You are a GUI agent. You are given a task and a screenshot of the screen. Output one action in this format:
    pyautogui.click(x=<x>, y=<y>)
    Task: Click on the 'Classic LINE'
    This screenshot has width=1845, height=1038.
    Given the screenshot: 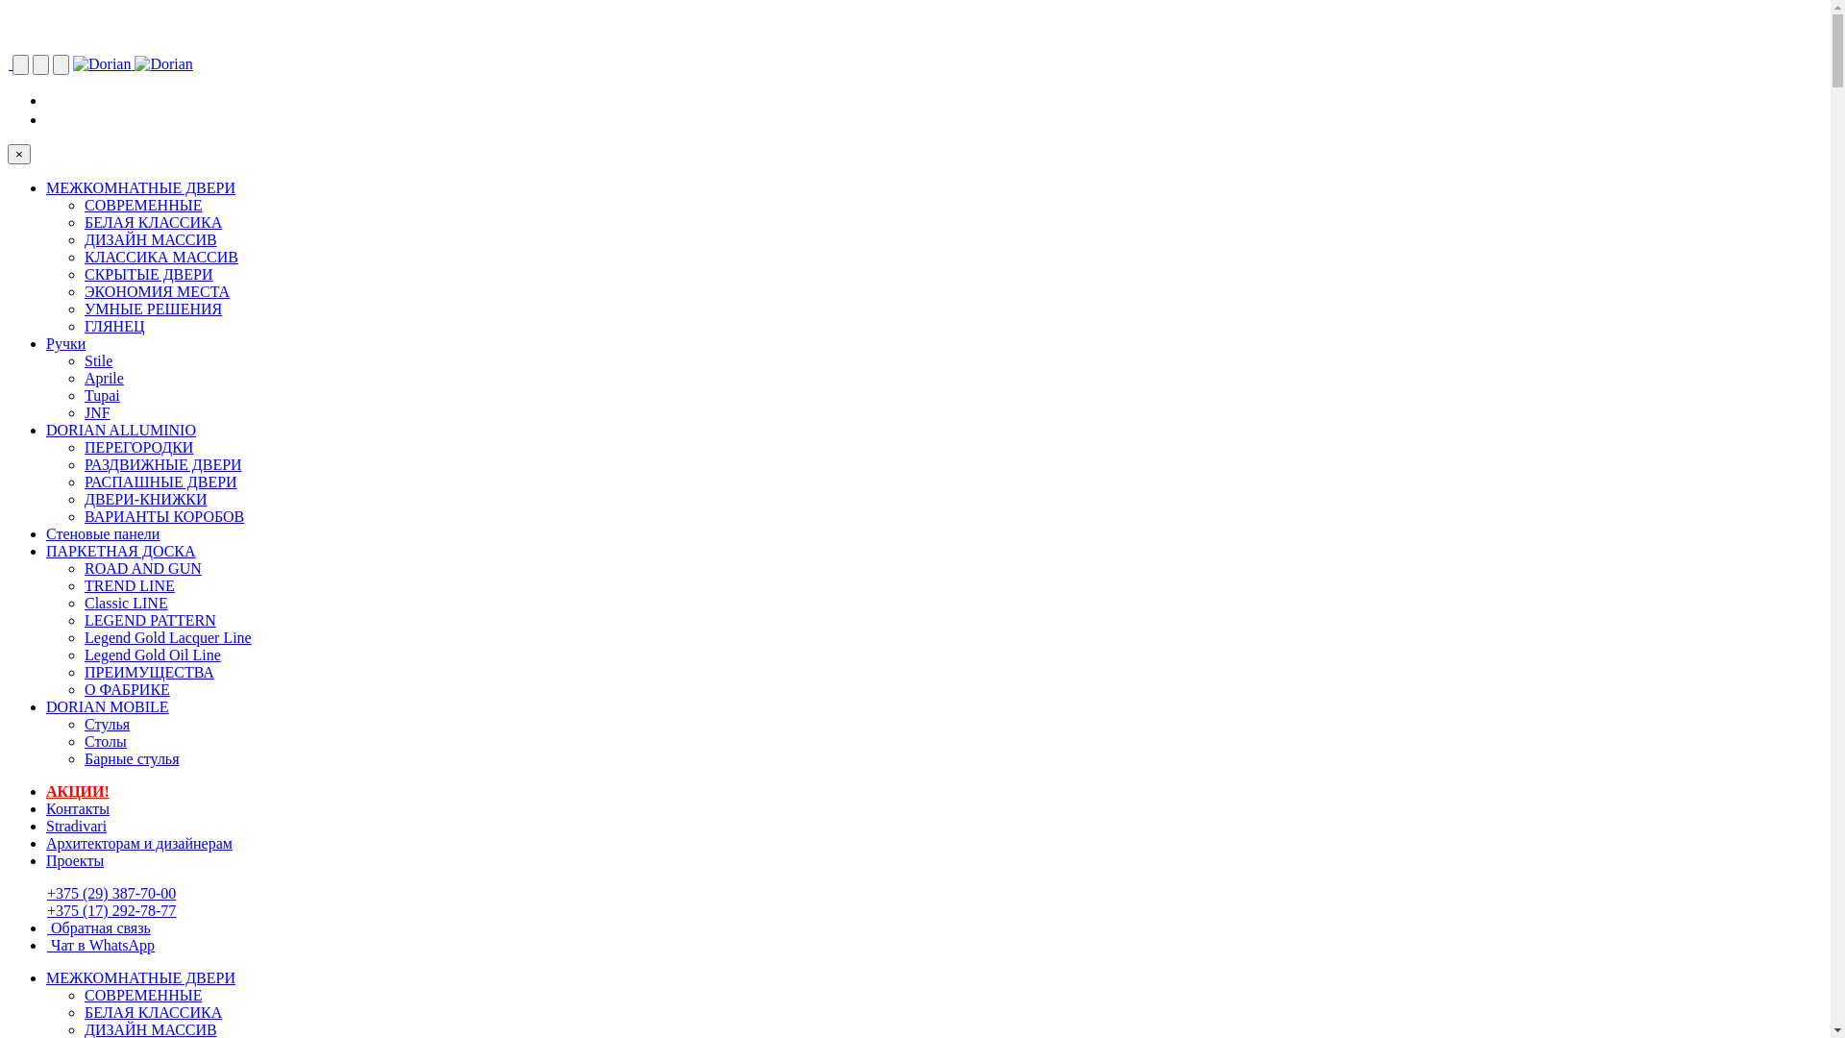 What is the action you would take?
    pyautogui.click(x=125, y=602)
    